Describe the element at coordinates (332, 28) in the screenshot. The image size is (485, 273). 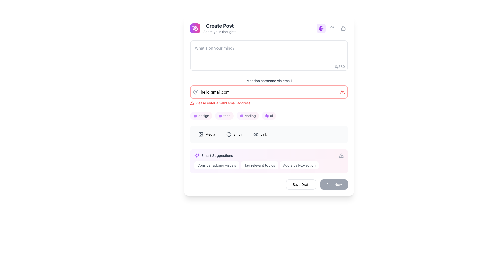
I see `the button with a circular icon resembling a group of two people side-by-side, located at the top-right corner of the interface` at that location.